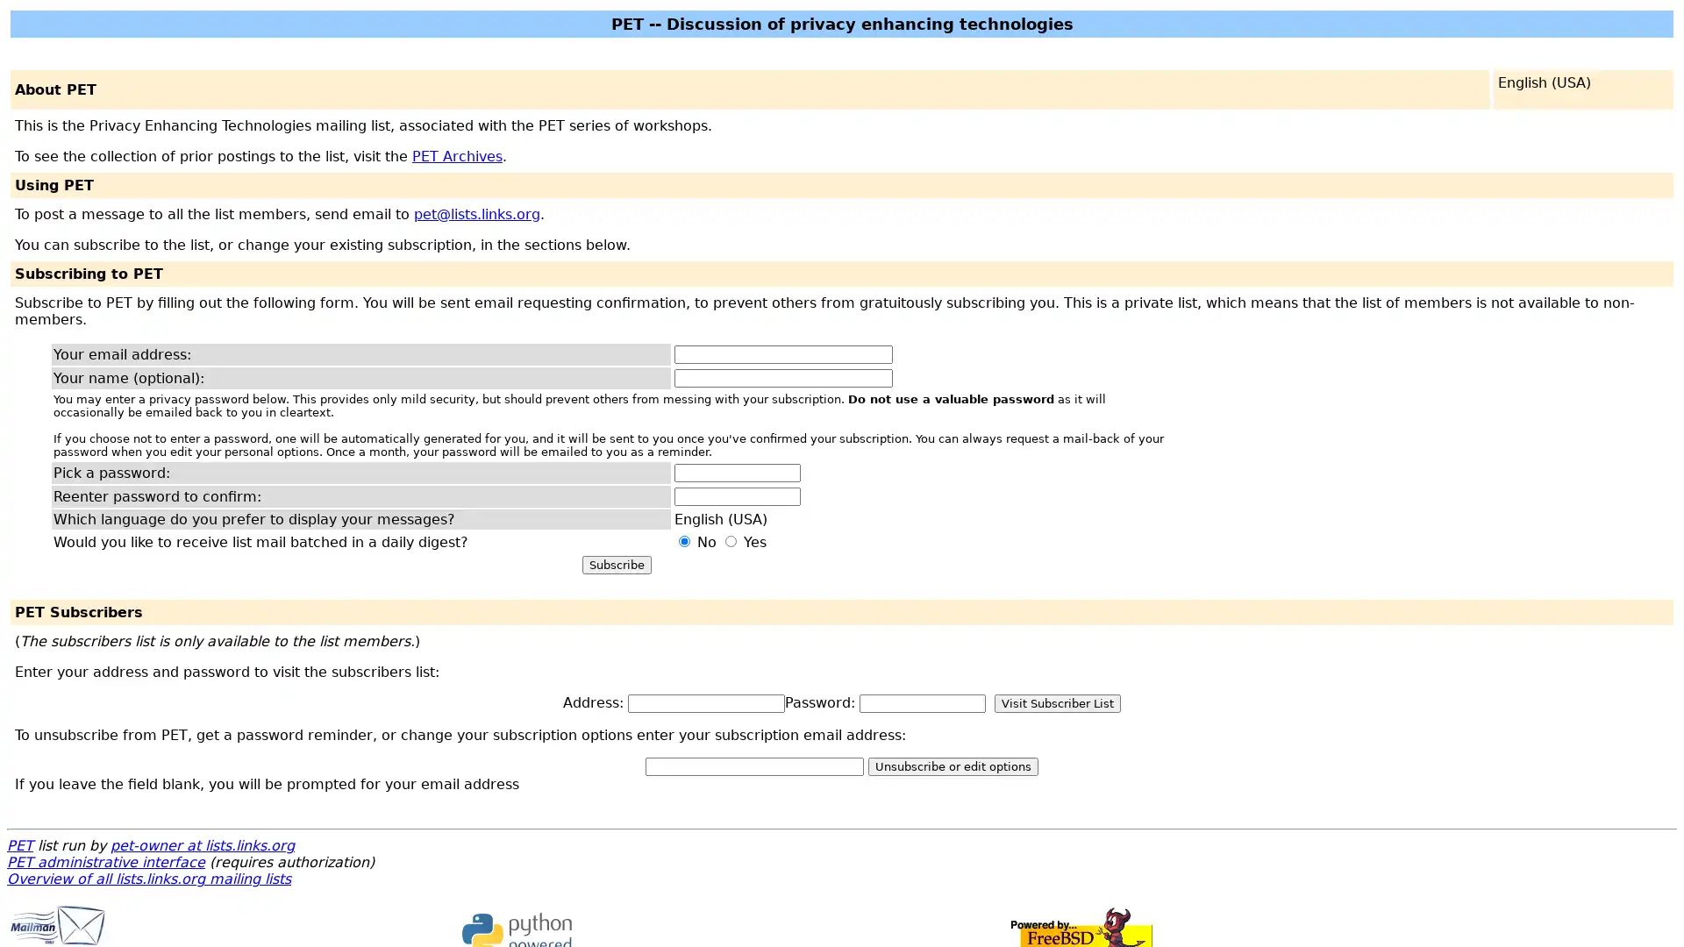 The image size is (1684, 947). What do you see at coordinates (1056, 702) in the screenshot?
I see `Visit Subscriber List` at bounding box center [1056, 702].